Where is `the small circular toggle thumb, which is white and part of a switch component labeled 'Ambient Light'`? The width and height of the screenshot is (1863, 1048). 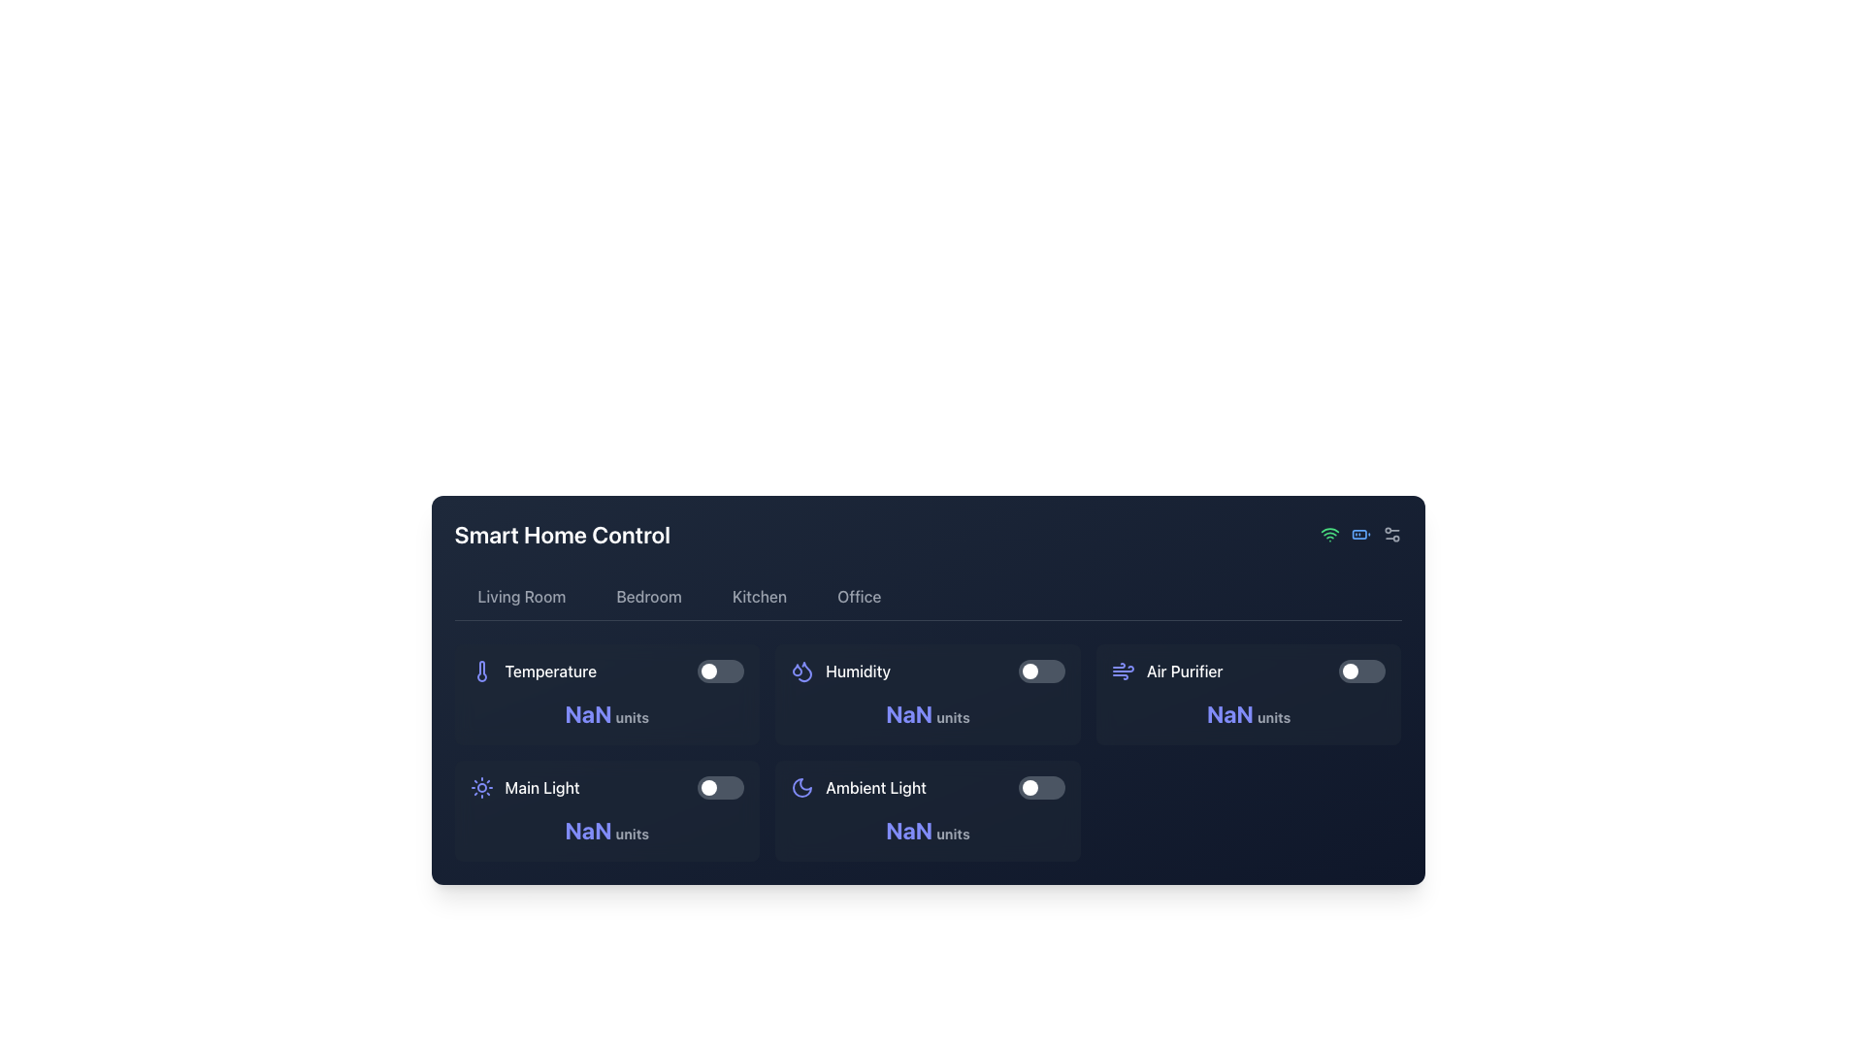 the small circular toggle thumb, which is white and part of a switch component labeled 'Ambient Light' is located at coordinates (1029, 788).